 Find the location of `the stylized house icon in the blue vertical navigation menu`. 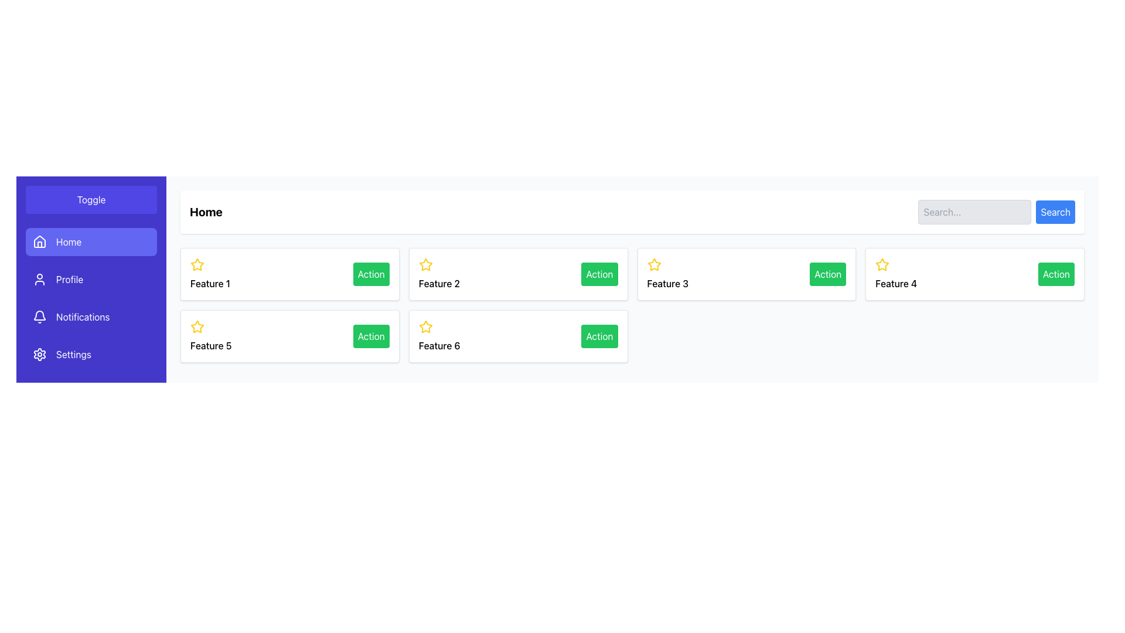

the stylized house icon in the blue vertical navigation menu is located at coordinates (39, 241).